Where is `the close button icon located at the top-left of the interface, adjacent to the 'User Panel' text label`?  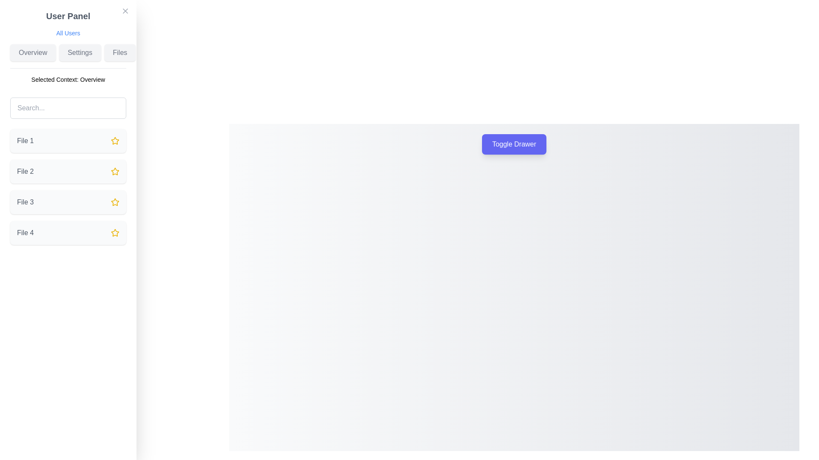 the close button icon located at the top-left of the interface, adjacent to the 'User Panel' text label is located at coordinates (125, 11).